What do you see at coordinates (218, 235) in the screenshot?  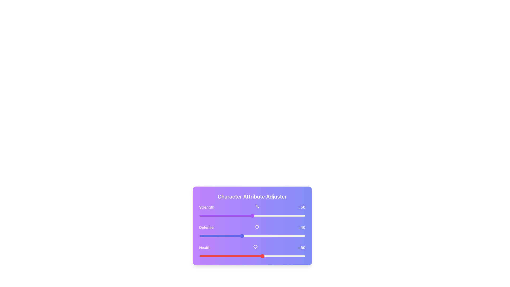 I see `the slider value` at bounding box center [218, 235].